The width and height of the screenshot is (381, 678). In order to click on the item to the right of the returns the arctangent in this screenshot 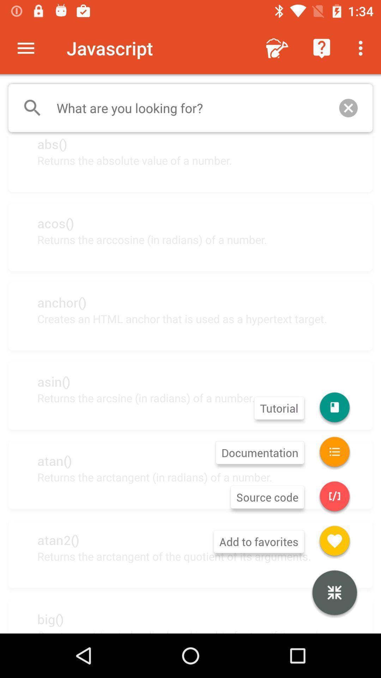, I will do `click(334, 593)`.